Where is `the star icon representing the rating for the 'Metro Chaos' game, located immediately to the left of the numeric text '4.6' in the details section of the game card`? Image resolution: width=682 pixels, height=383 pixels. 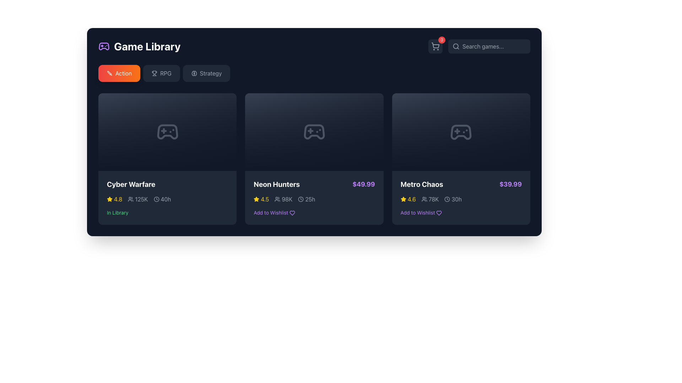
the star icon representing the rating for the 'Metro Chaos' game, located immediately to the left of the numeric text '4.6' in the details section of the game card is located at coordinates (403, 199).